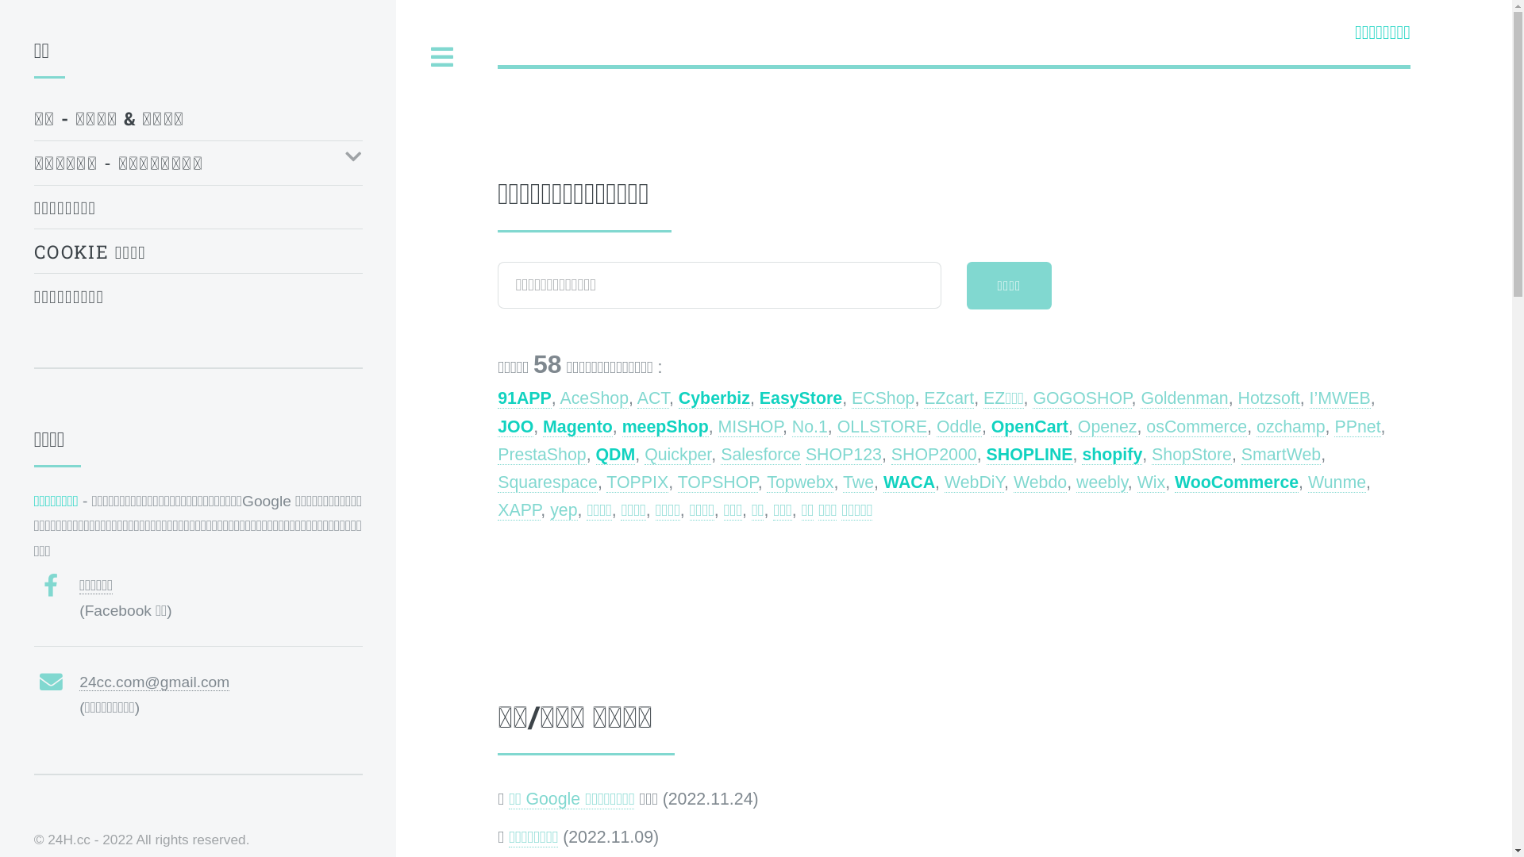  Describe the element at coordinates (541, 455) in the screenshot. I see `'PrestaShop'` at that location.